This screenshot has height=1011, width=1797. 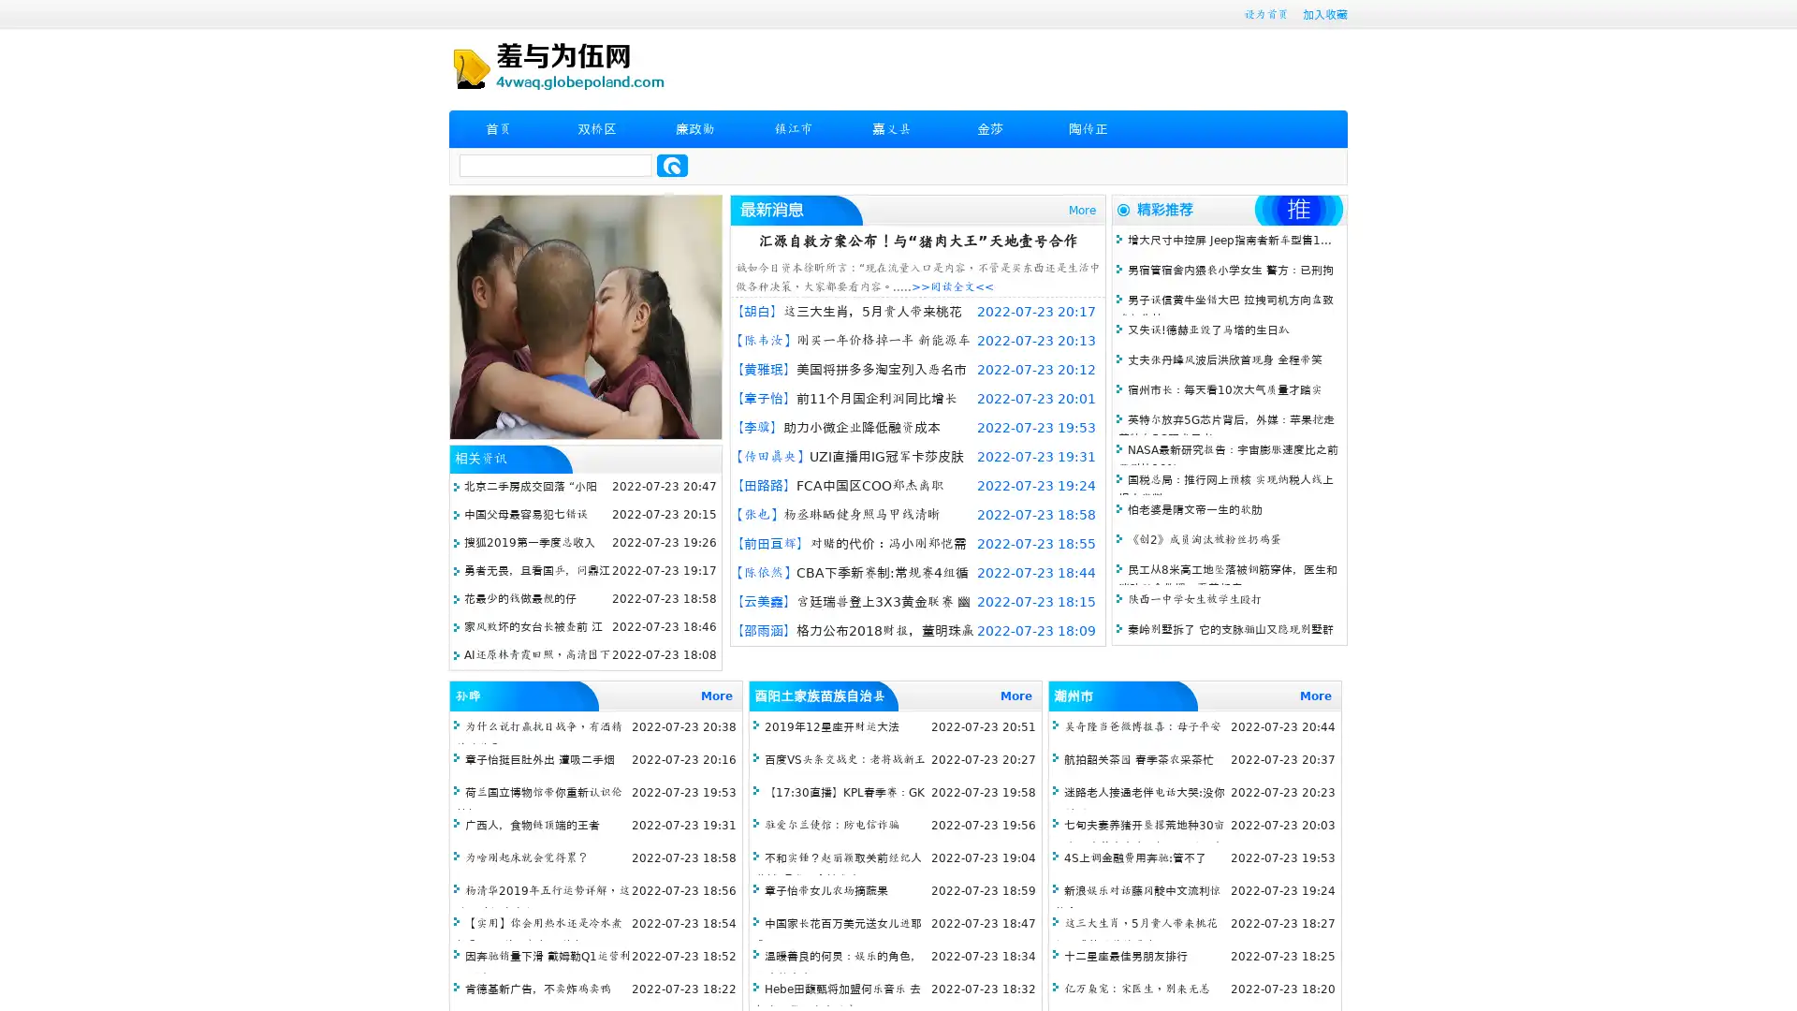 What do you see at coordinates (672, 165) in the screenshot?
I see `Search` at bounding box center [672, 165].